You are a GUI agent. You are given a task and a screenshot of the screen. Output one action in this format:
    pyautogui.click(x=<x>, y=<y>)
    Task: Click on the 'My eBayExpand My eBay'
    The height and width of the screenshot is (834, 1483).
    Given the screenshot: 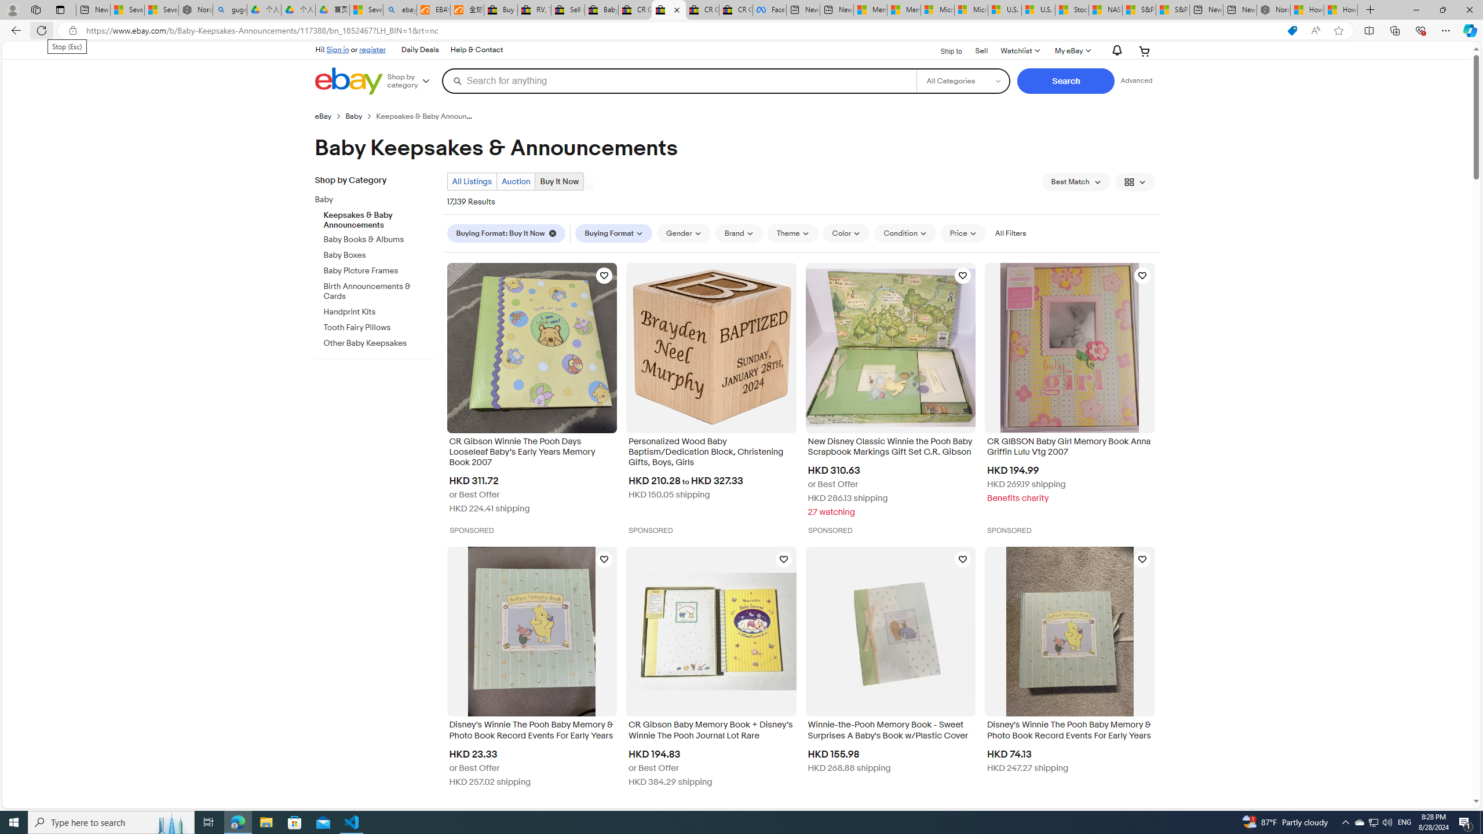 What is the action you would take?
    pyautogui.click(x=1072, y=50)
    